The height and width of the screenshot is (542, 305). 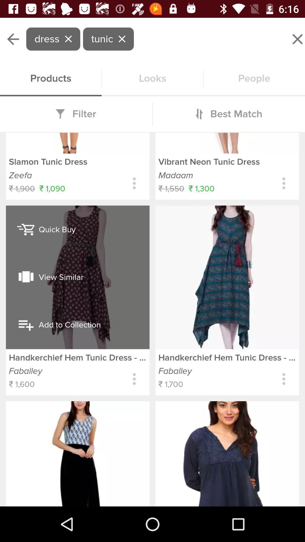 What do you see at coordinates (284, 183) in the screenshot?
I see `open buying options` at bounding box center [284, 183].